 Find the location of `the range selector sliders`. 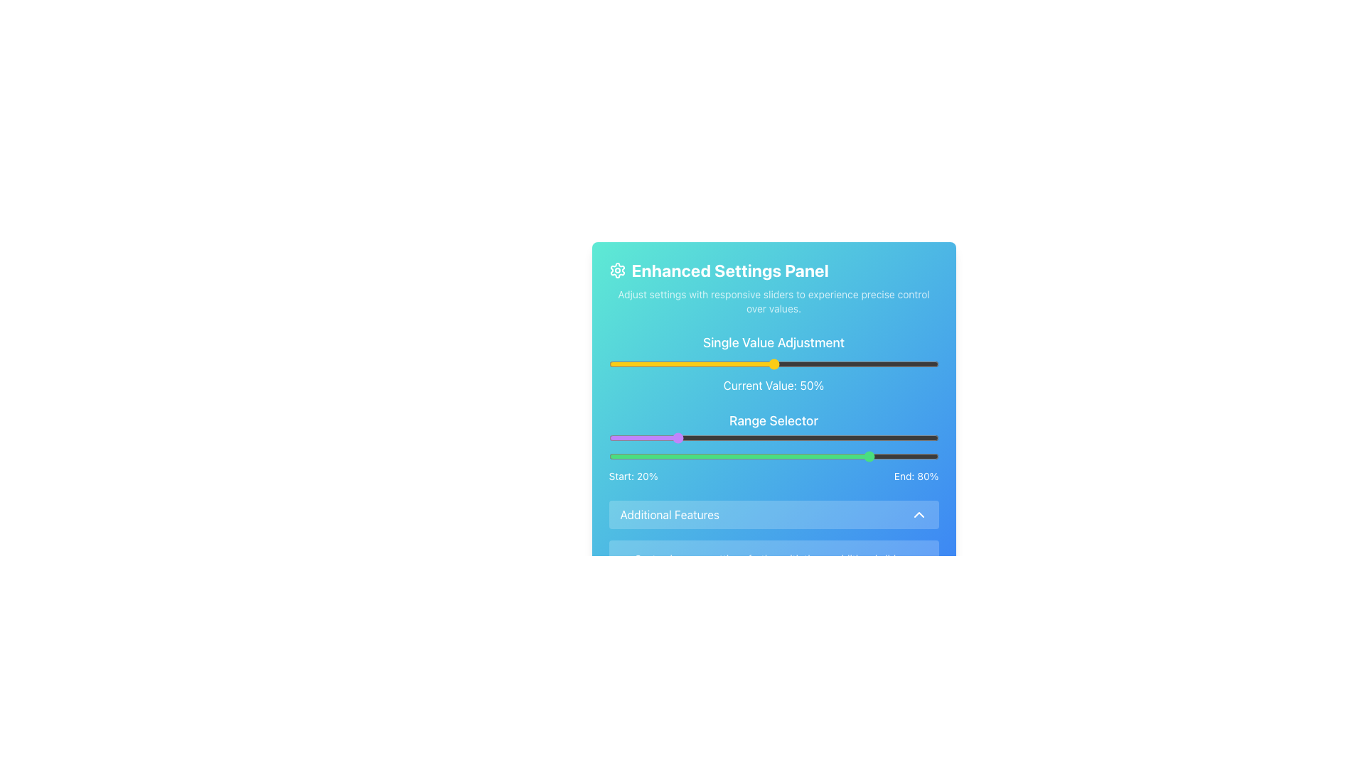

the range selector sliders is located at coordinates (855, 437).